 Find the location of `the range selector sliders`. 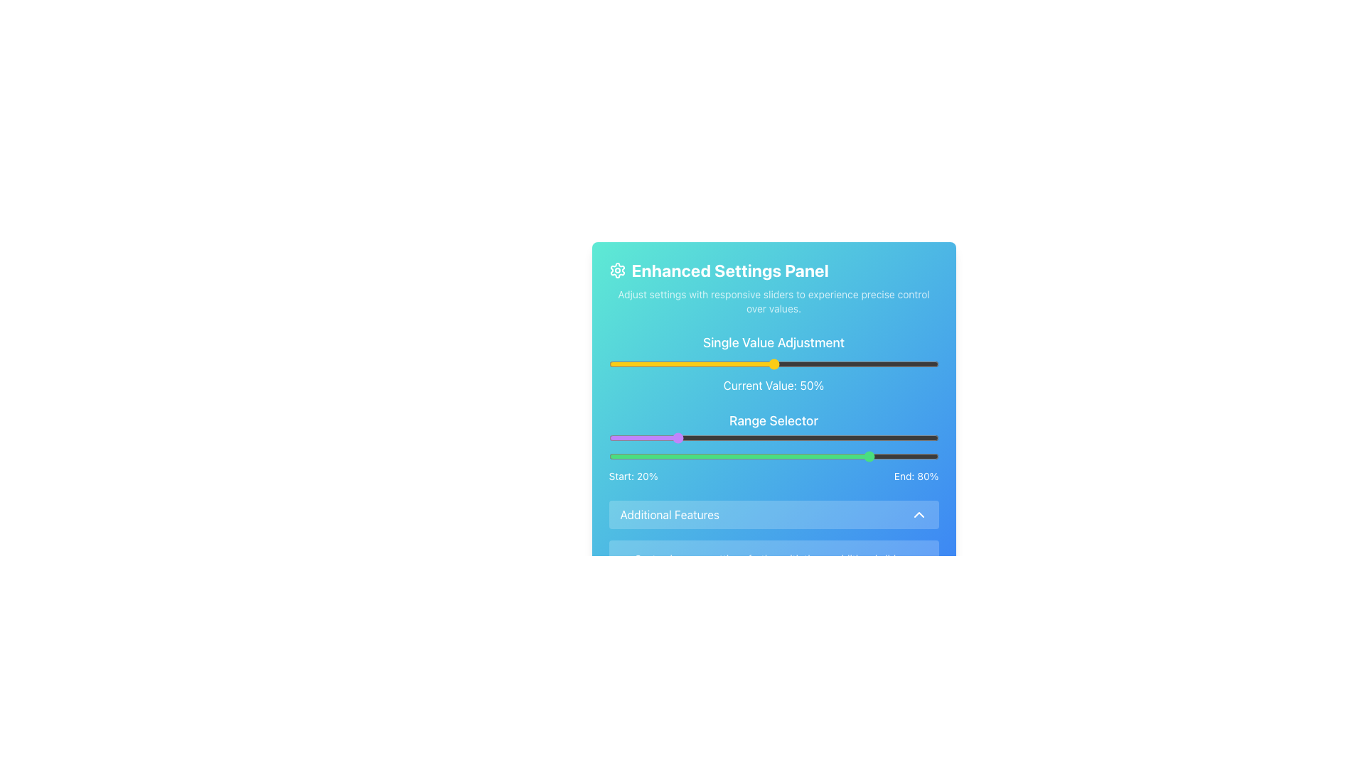

the range selector sliders is located at coordinates (855, 437).